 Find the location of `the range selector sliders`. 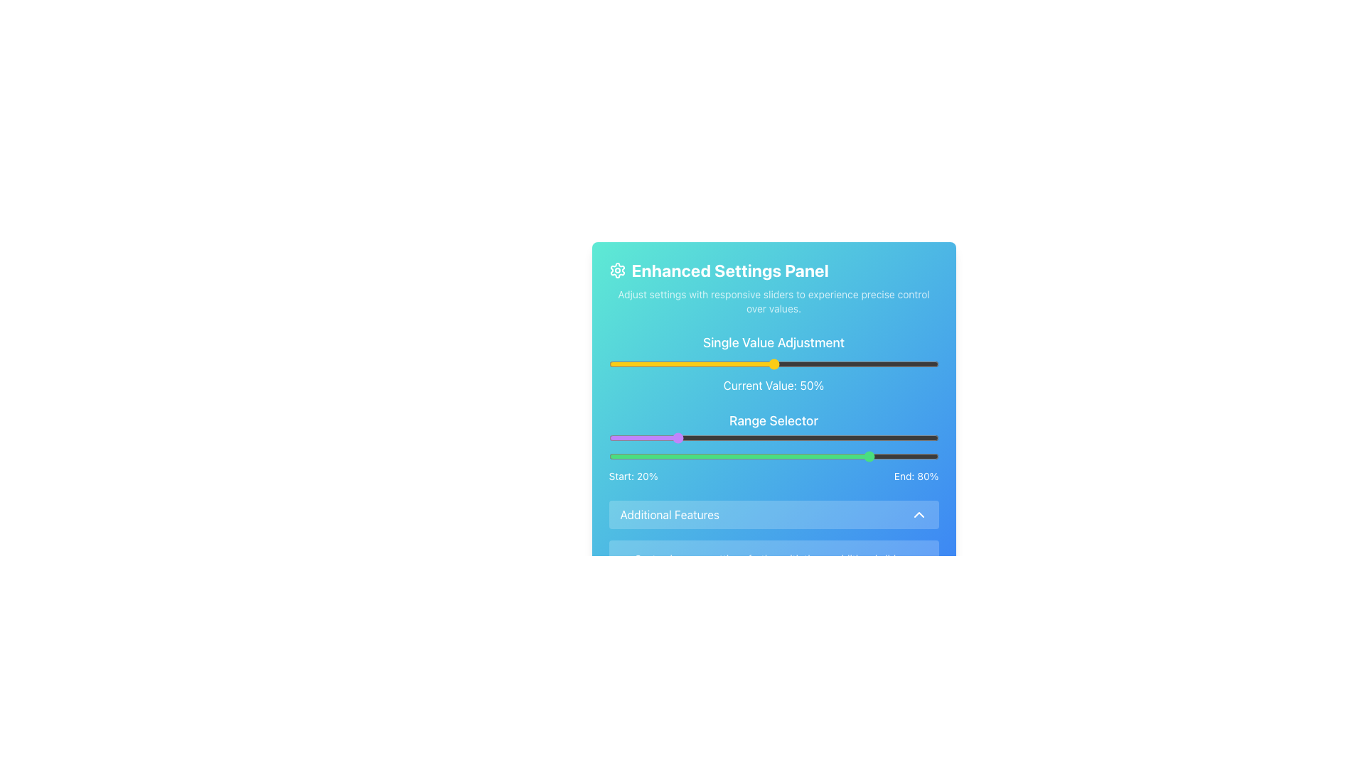

the range selector sliders is located at coordinates (855, 437).